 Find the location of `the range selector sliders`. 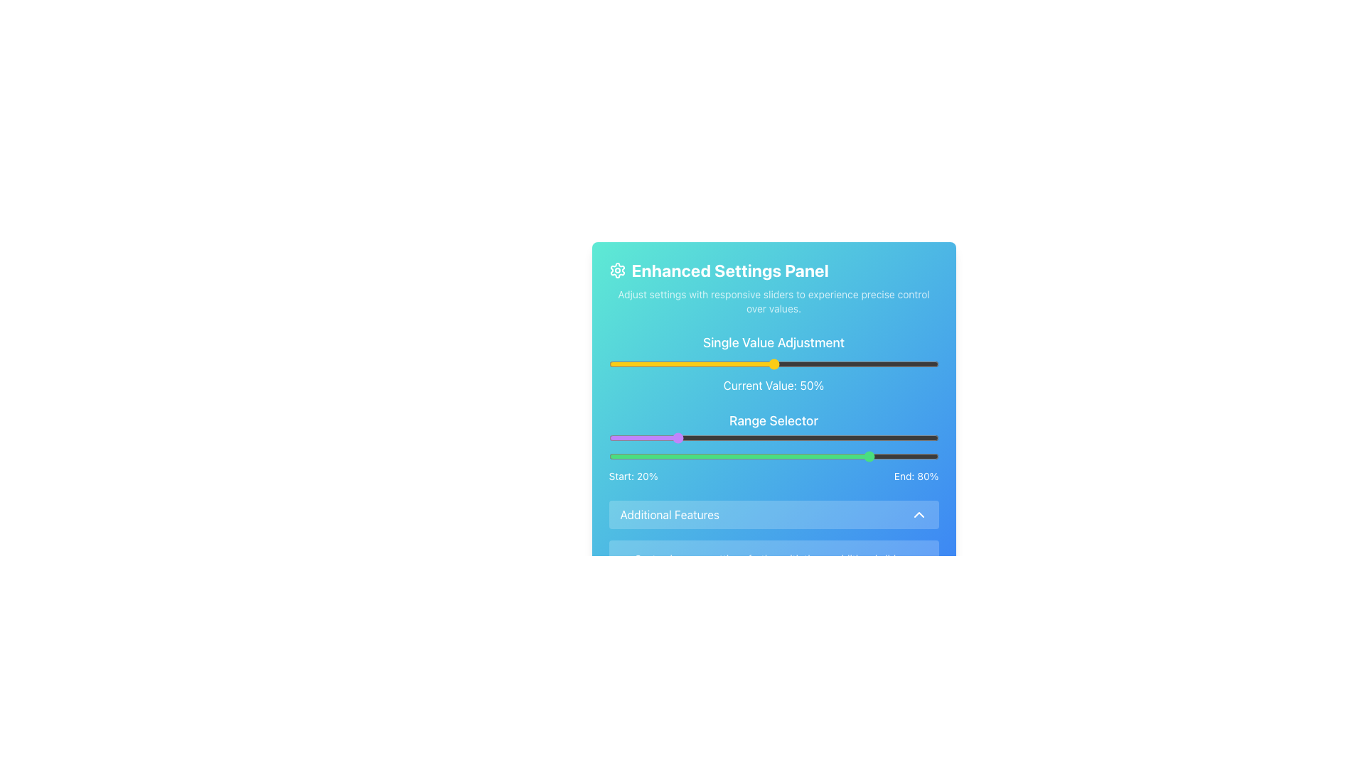

the range selector sliders is located at coordinates (855, 437).